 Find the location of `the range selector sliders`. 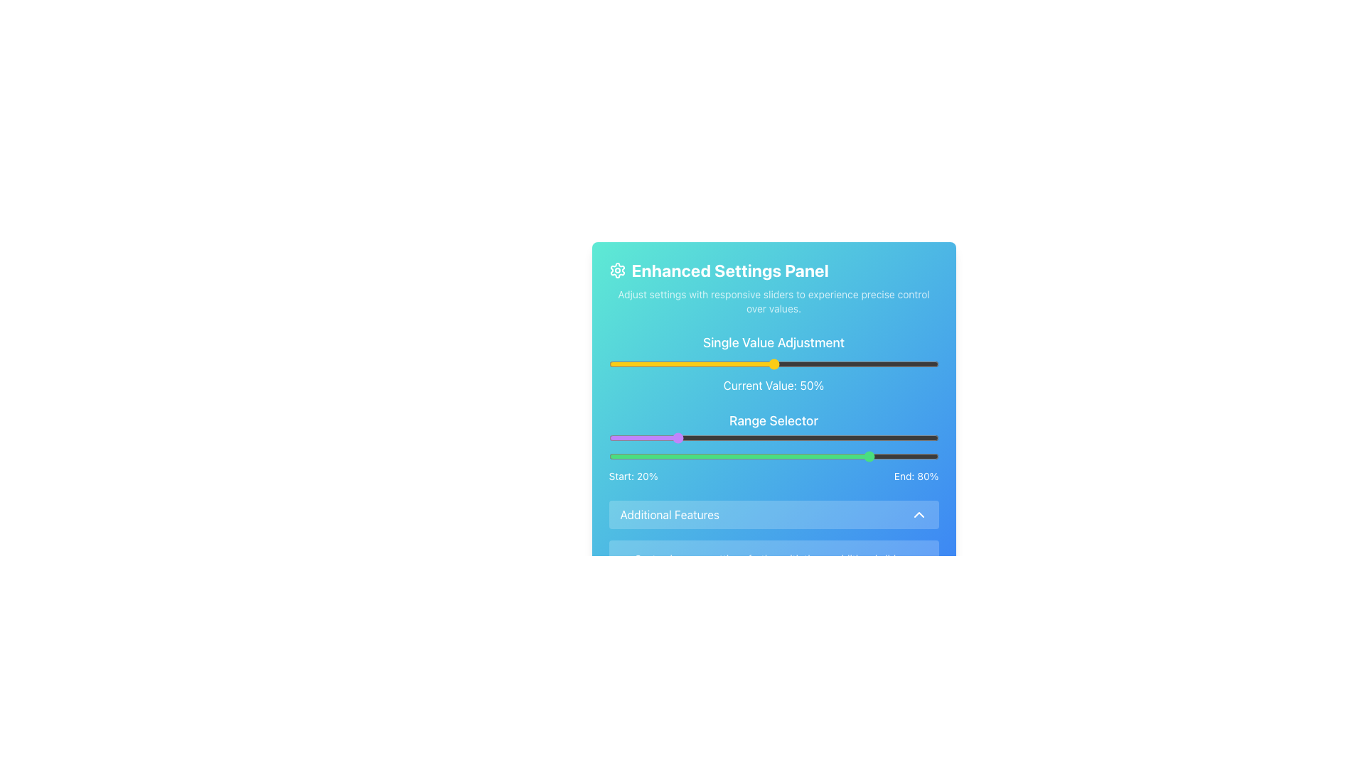

the range selector sliders is located at coordinates (855, 437).